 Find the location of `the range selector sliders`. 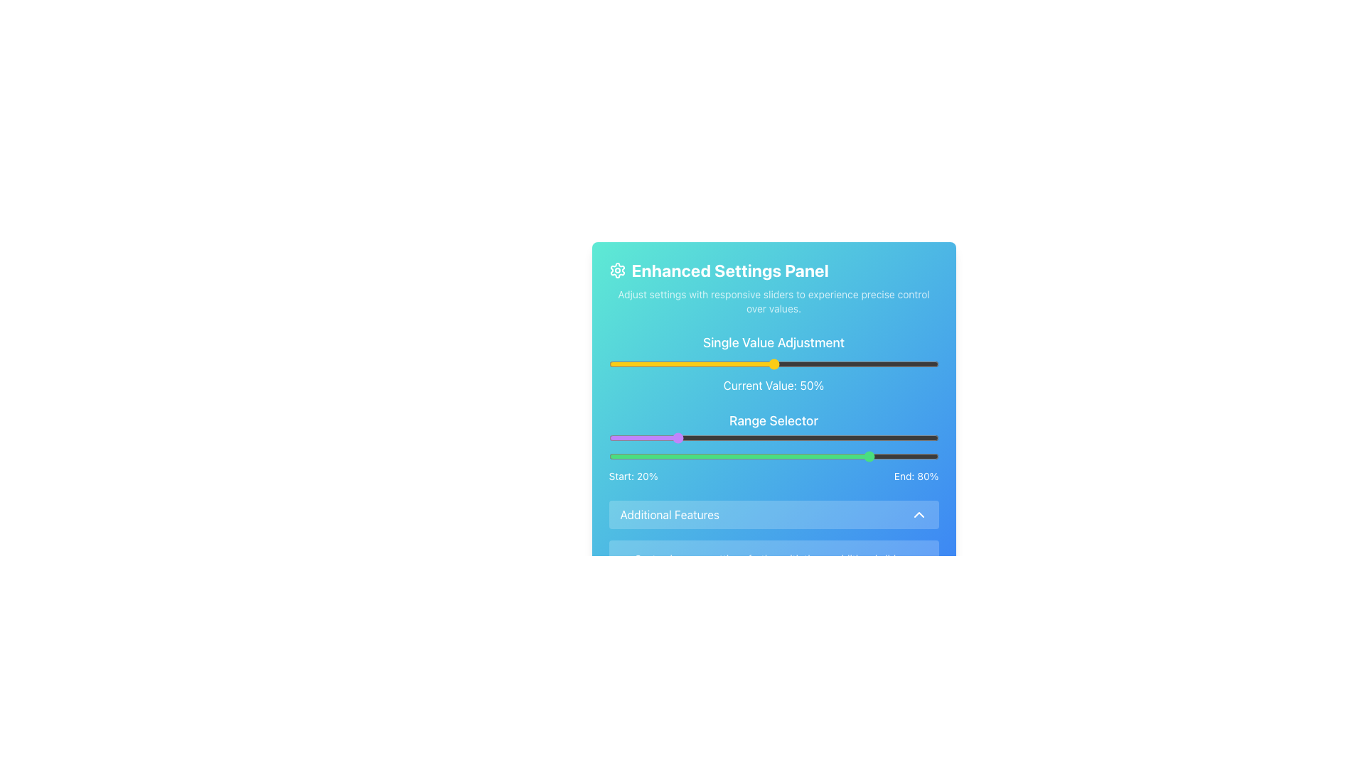

the range selector sliders is located at coordinates (855, 437).